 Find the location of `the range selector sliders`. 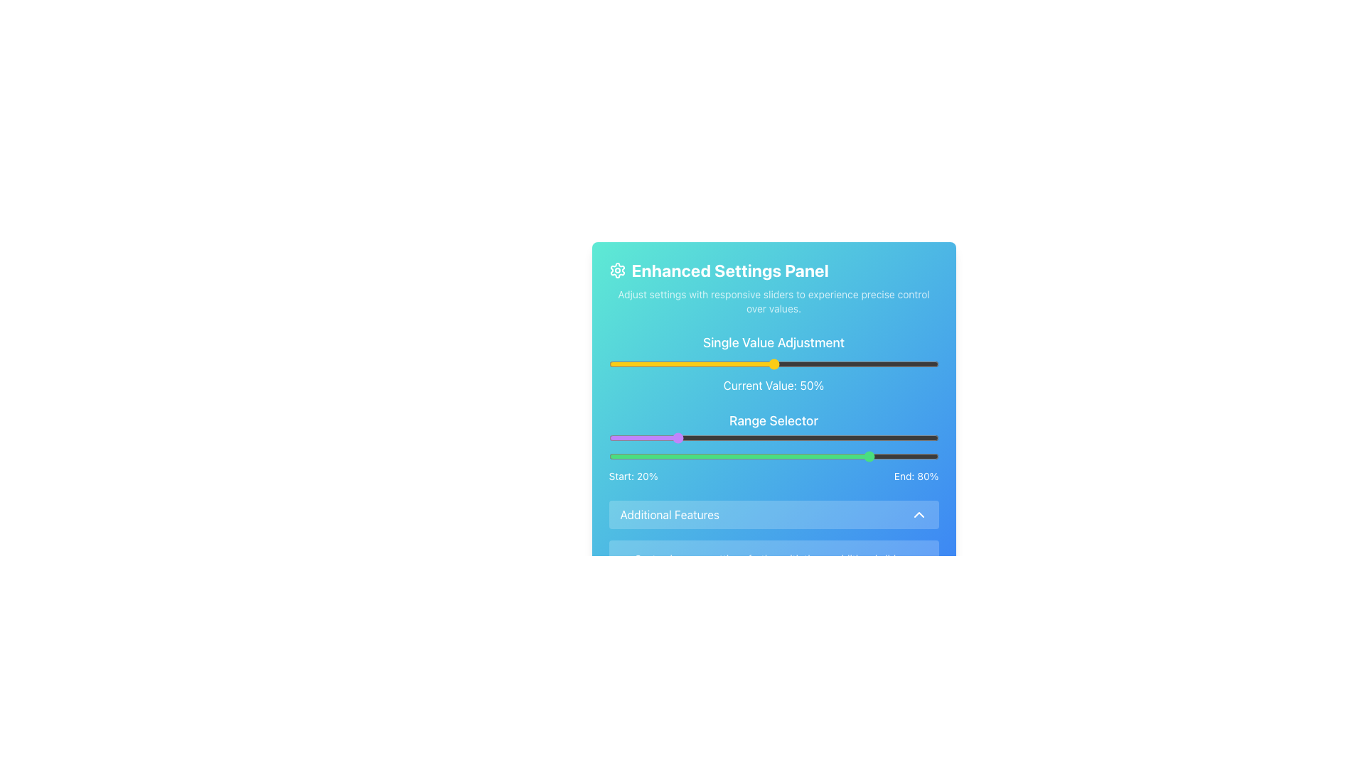

the range selector sliders is located at coordinates (855, 437).